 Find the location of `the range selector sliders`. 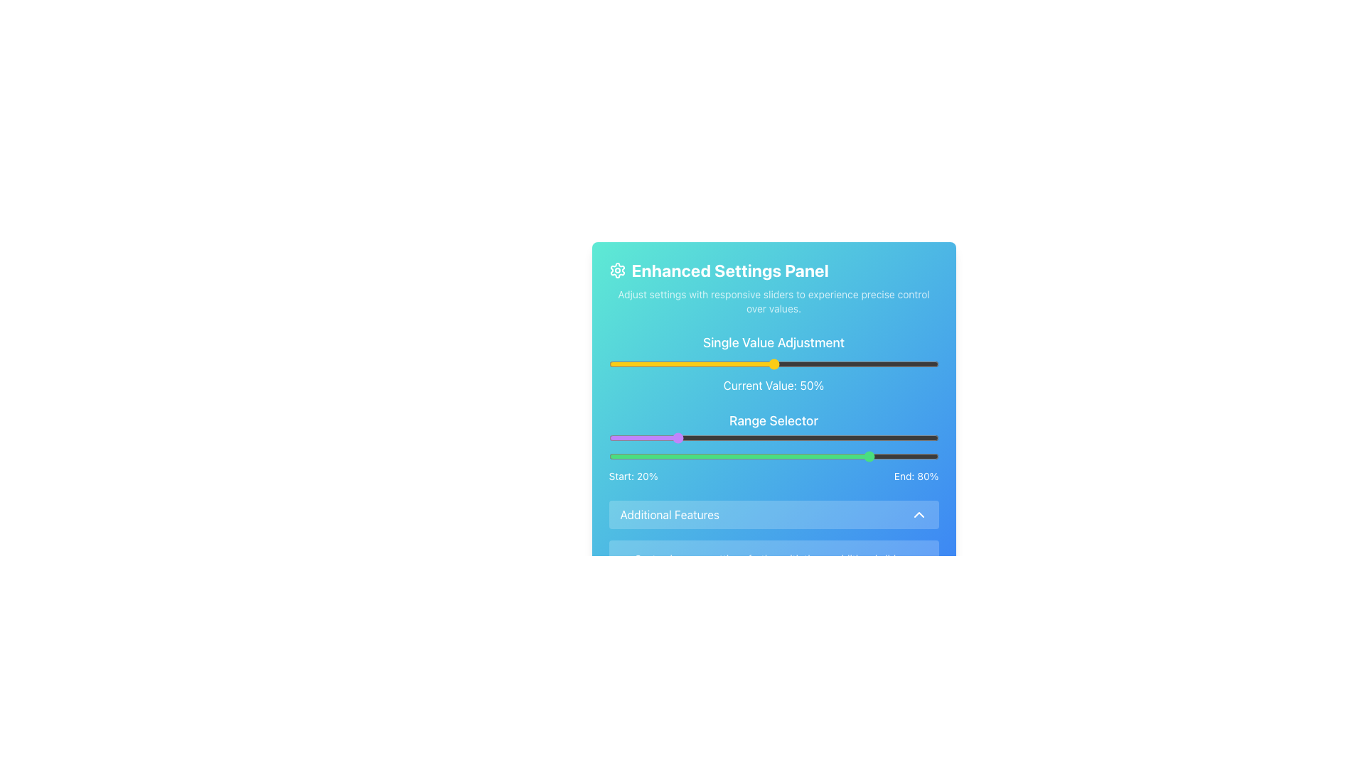

the range selector sliders is located at coordinates (855, 437).